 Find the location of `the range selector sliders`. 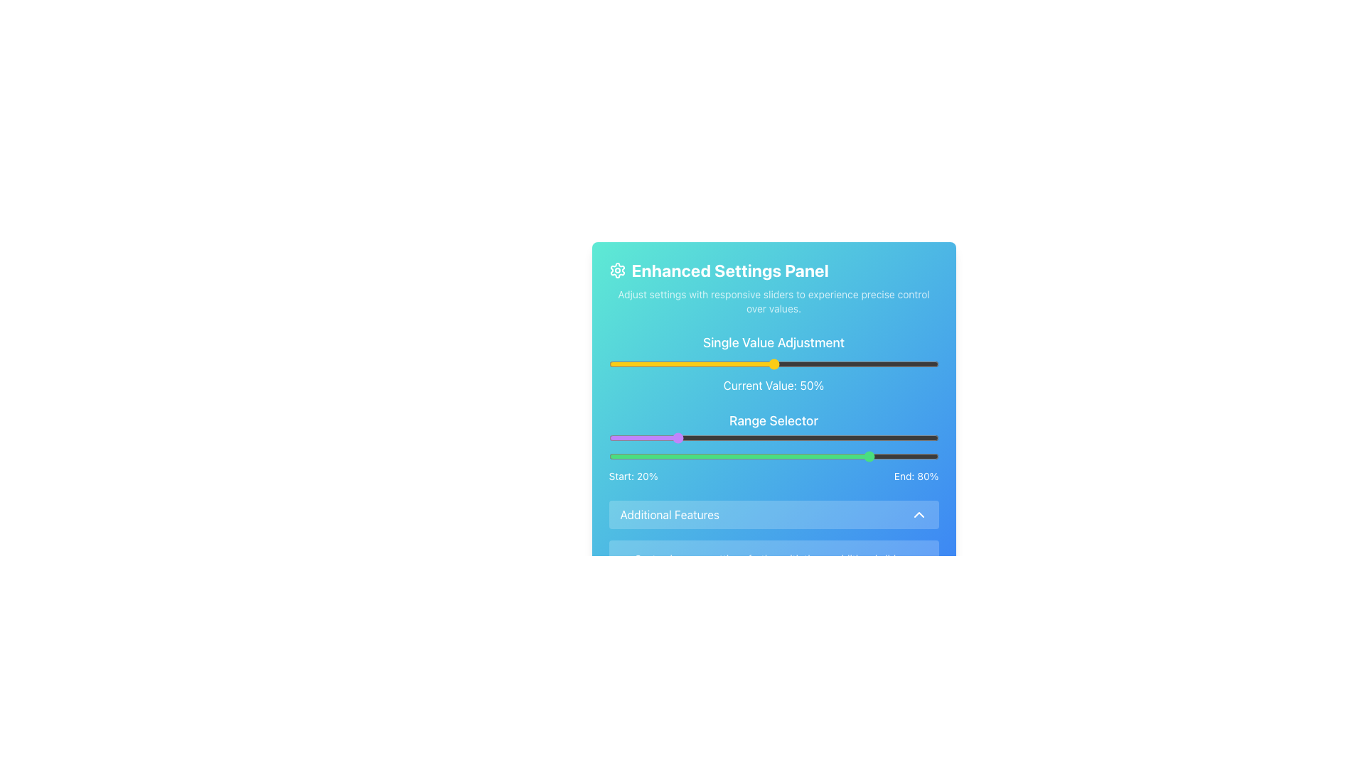

the range selector sliders is located at coordinates (855, 437).